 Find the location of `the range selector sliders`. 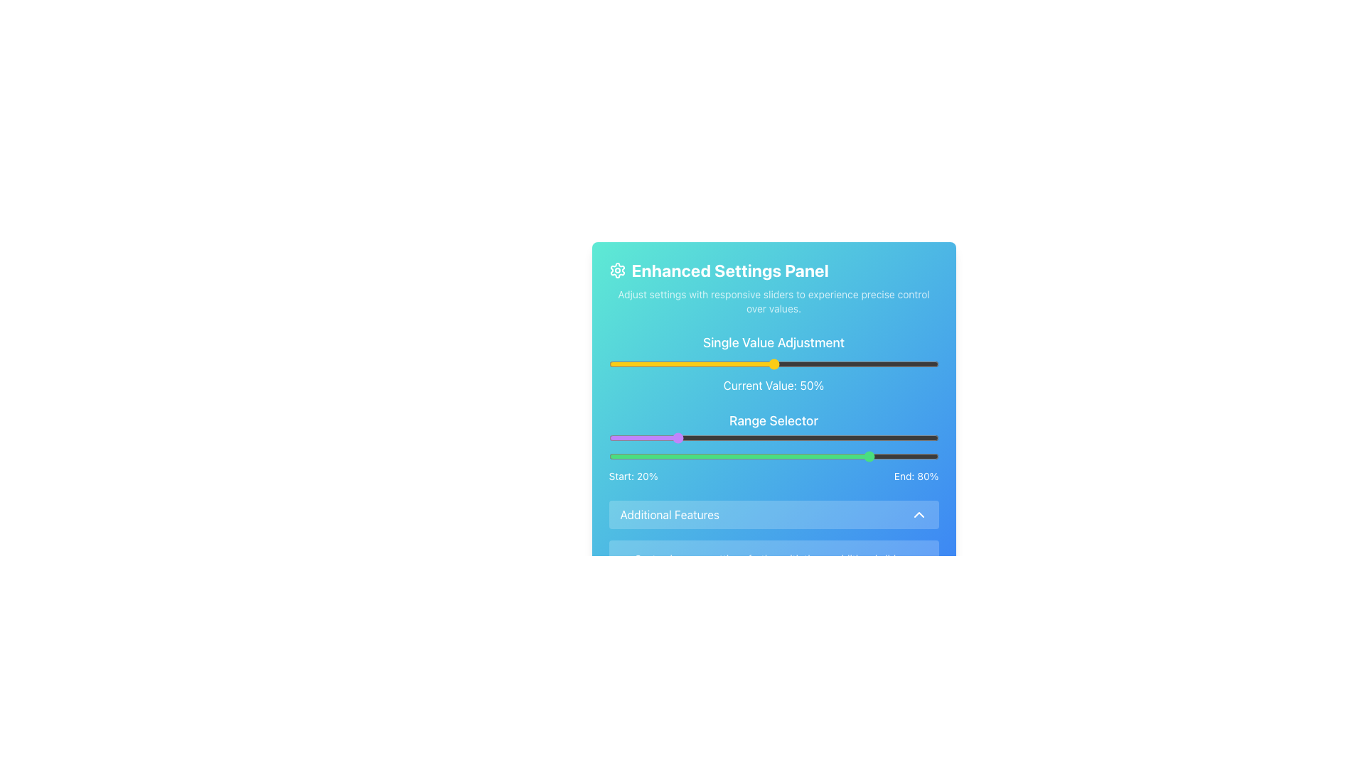

the range selector sliders is located at coordinates (855, 437).